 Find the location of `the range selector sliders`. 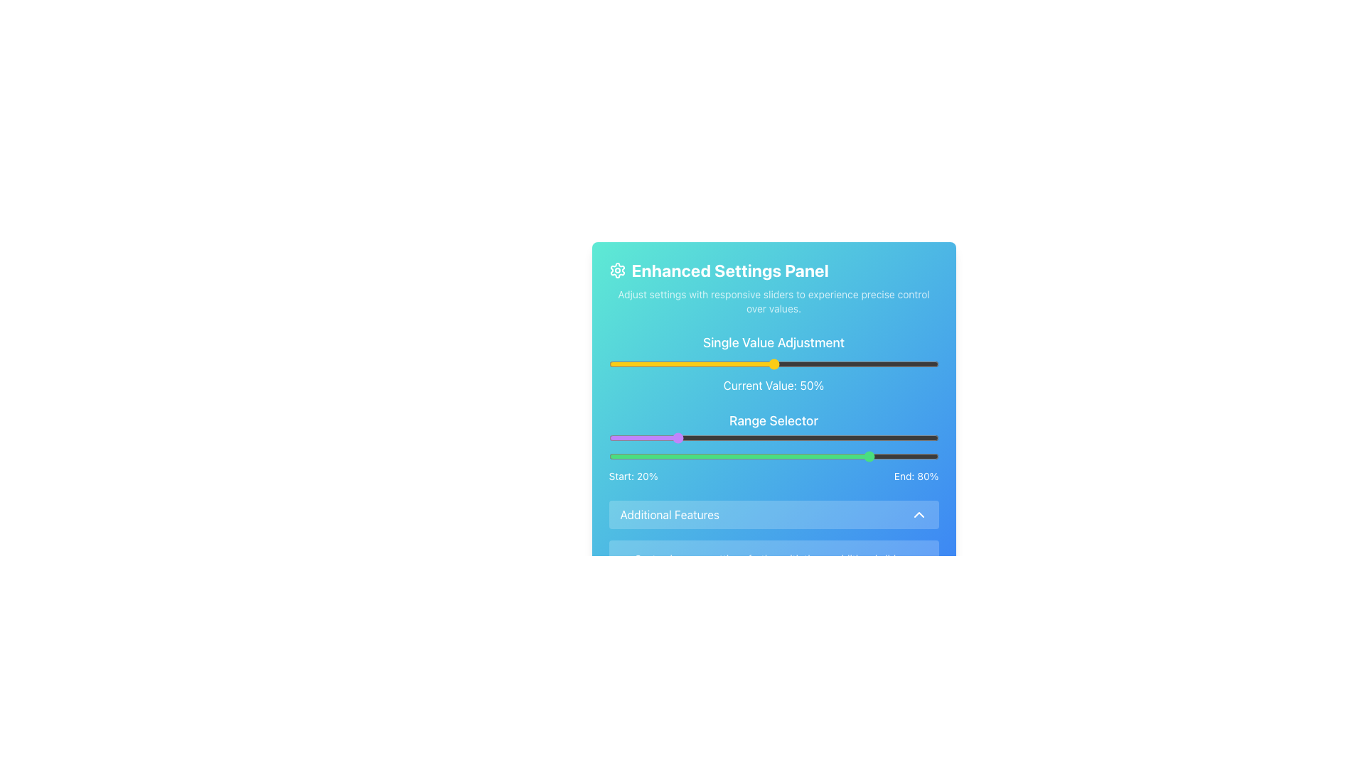

the range selector sliders is located at coordinates (855, 437).